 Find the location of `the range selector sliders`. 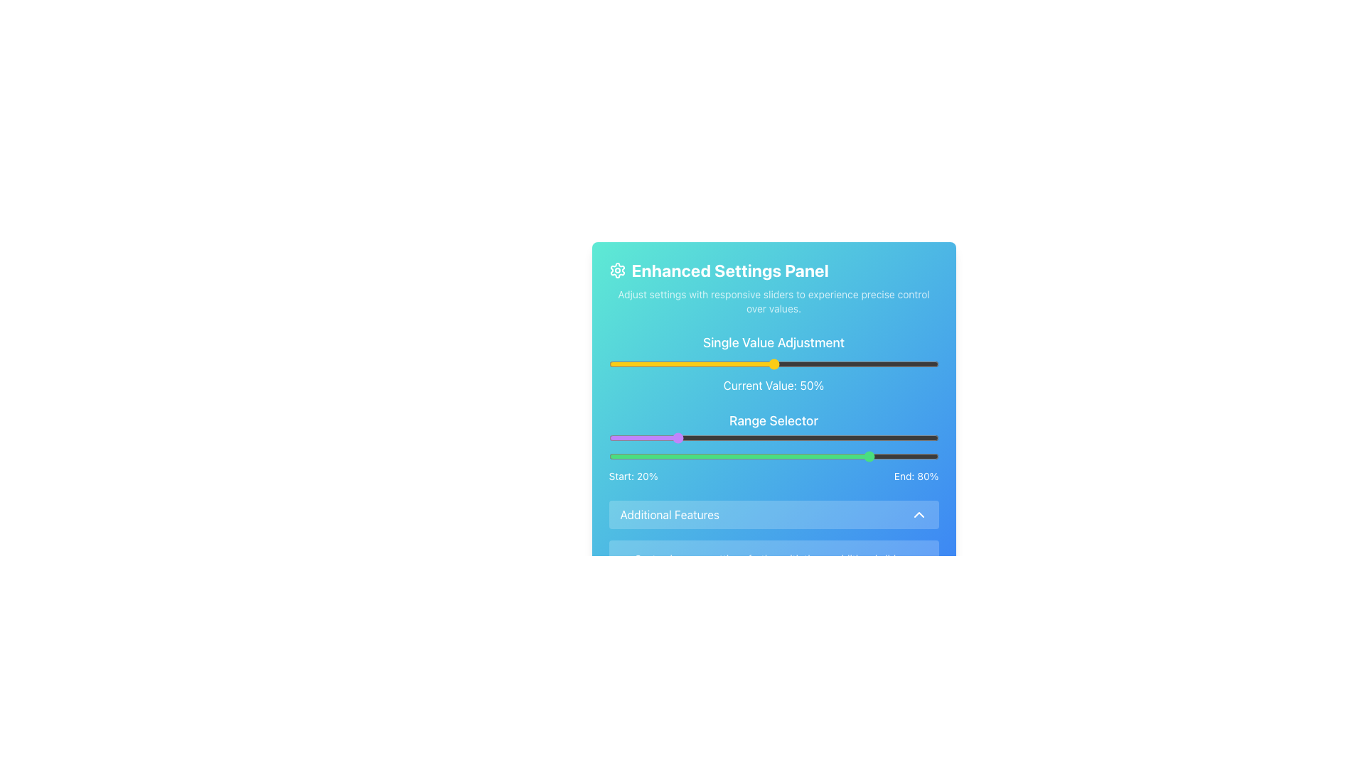

the range selector sliders is located at coordinates (855, 437).